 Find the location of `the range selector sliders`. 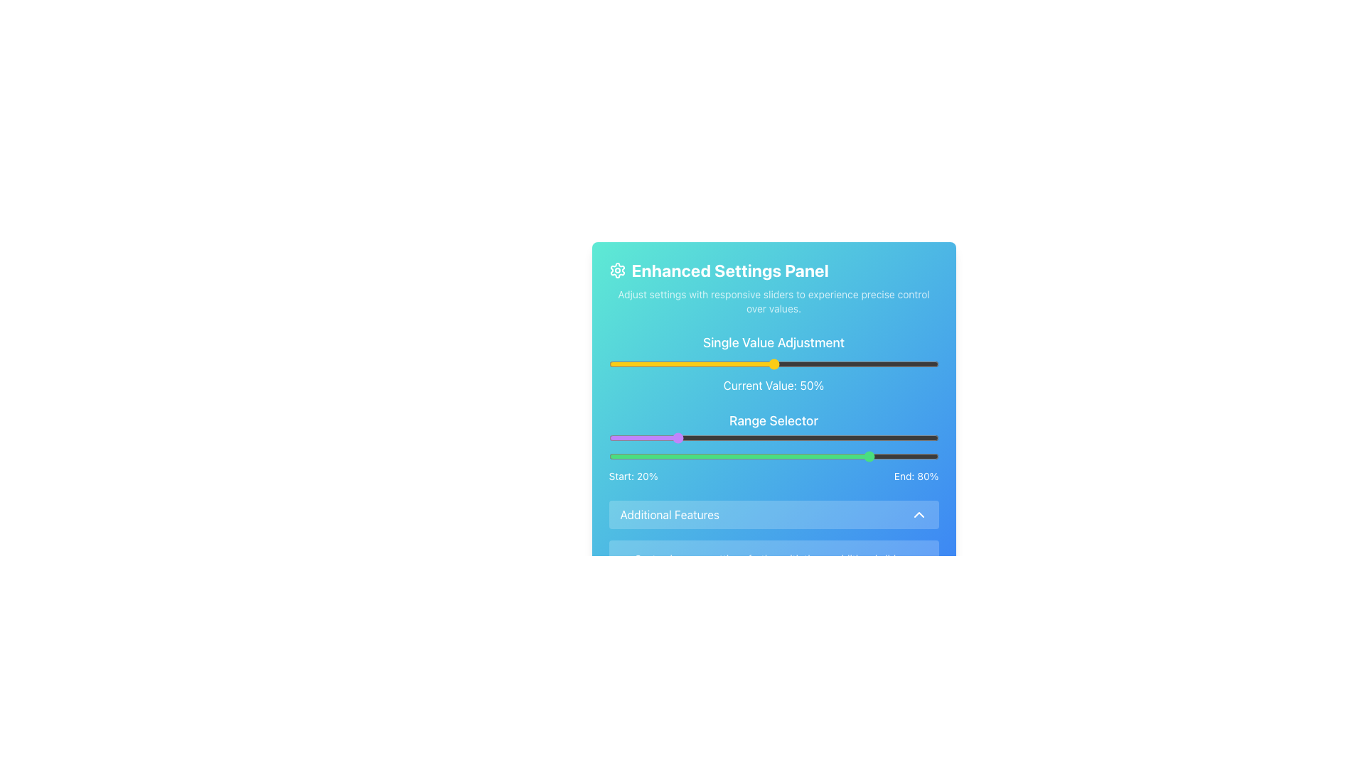

the range selector sliders is located at coordinates (855, 437).